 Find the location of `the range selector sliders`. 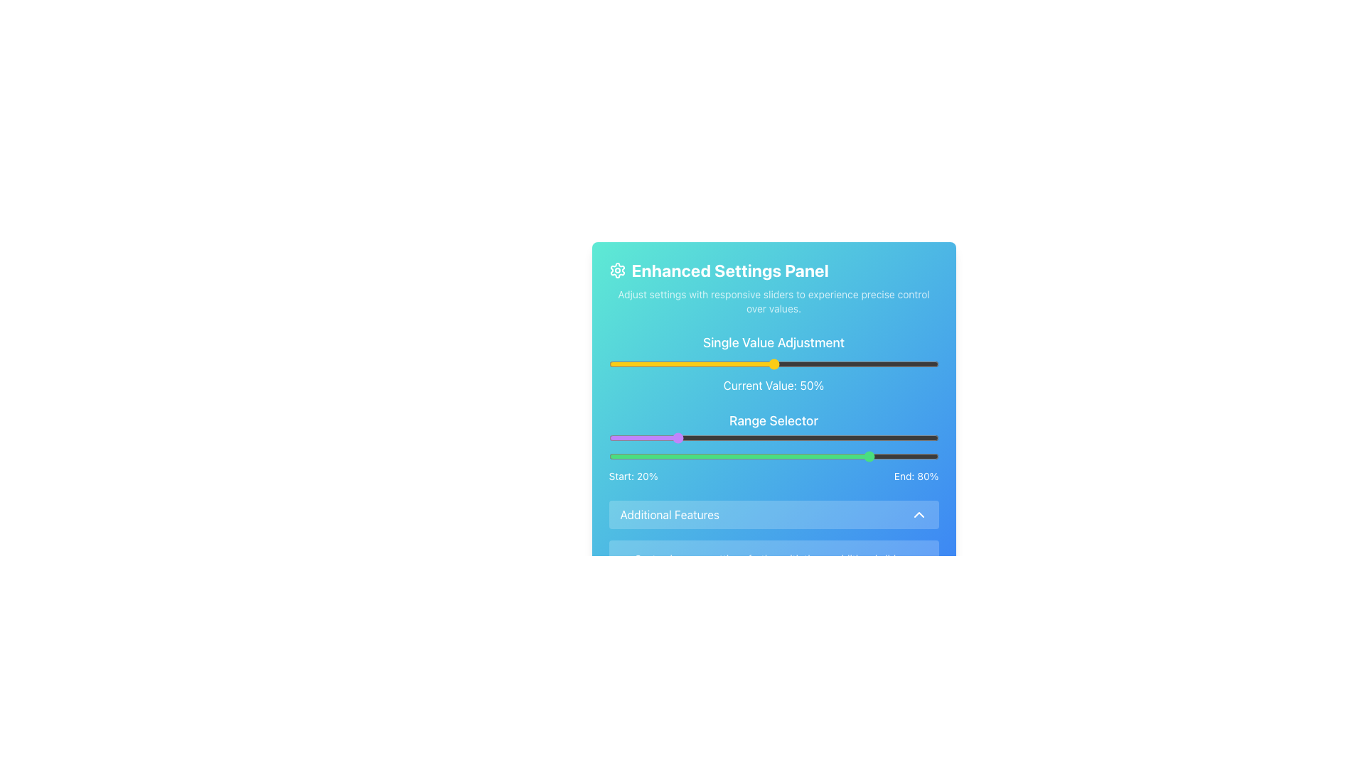

the range selector sliders is located at coordinates (855, 437).